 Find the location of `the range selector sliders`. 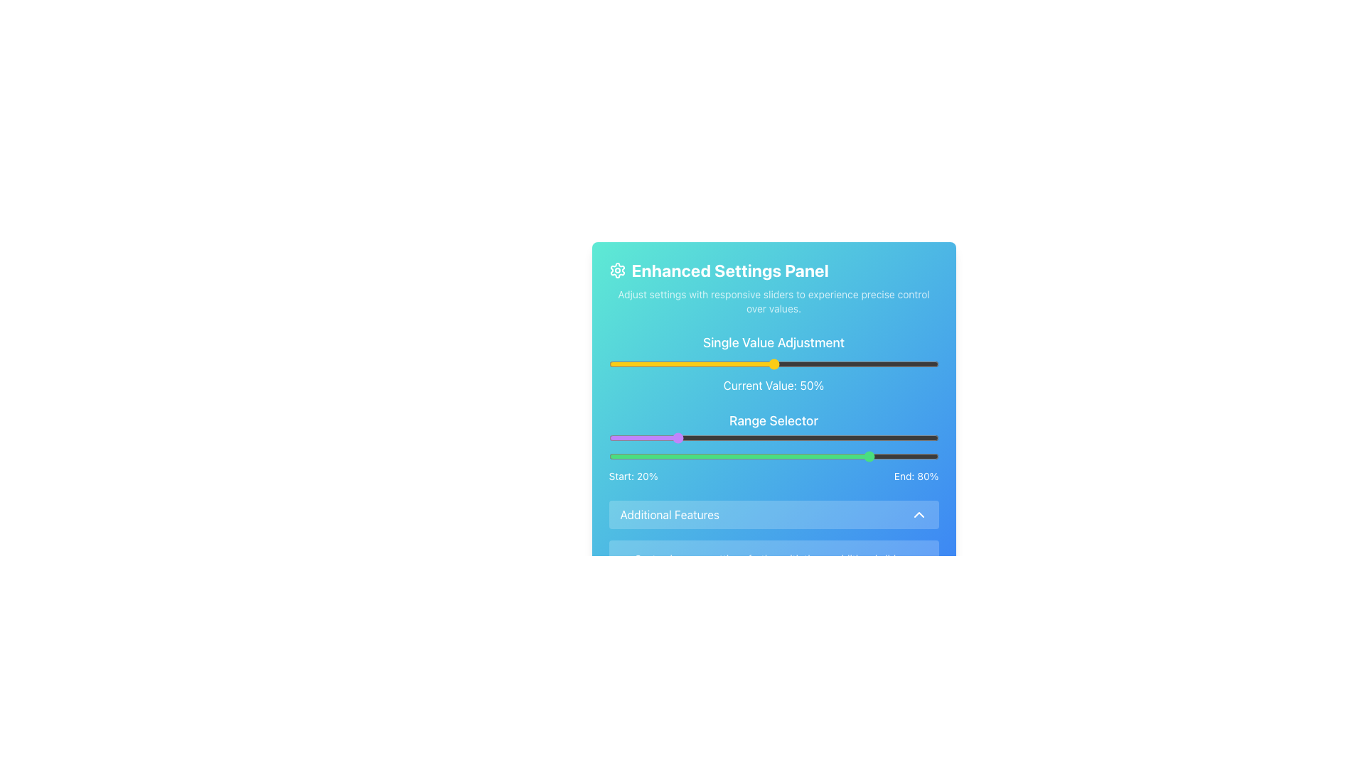

the range selector sliders is located at coordinates (855, 437).